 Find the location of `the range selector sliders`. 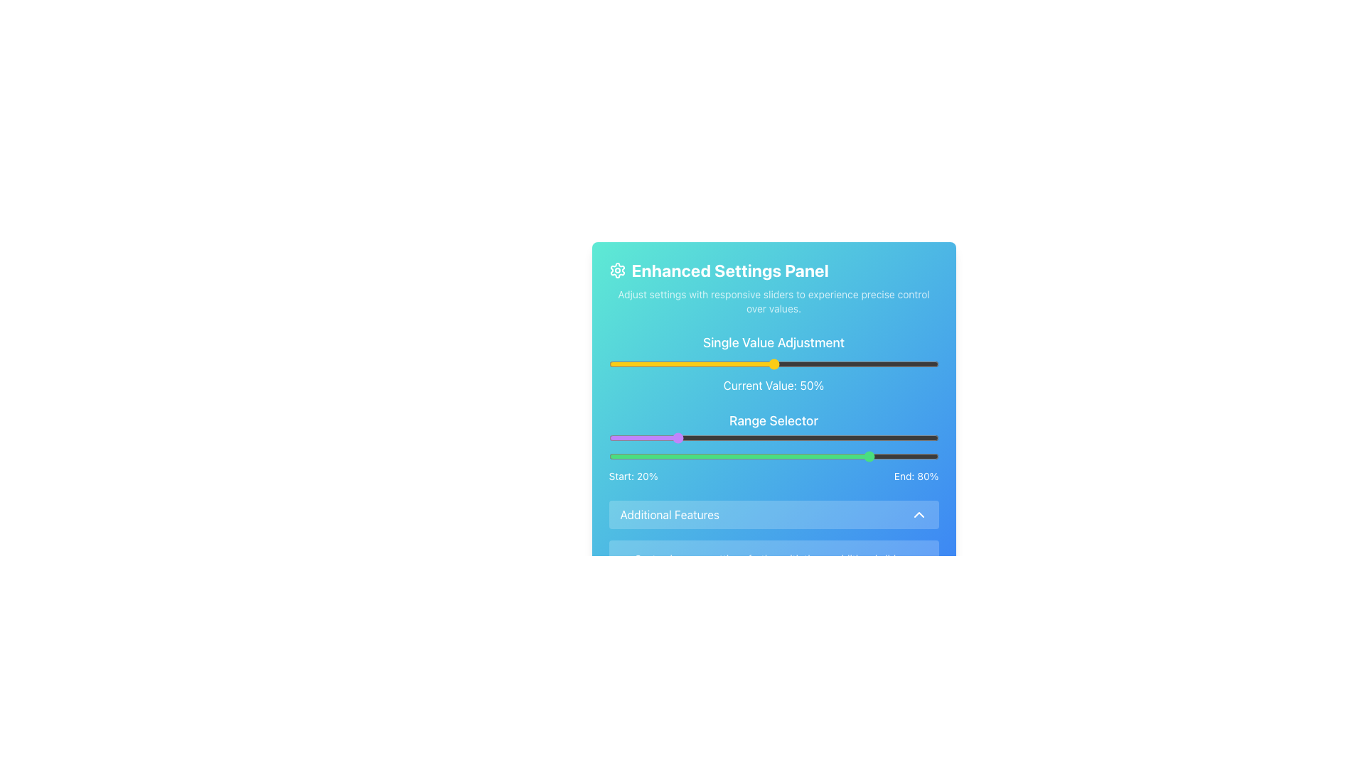

the range selector sliders is located at coordinates (855, 437).